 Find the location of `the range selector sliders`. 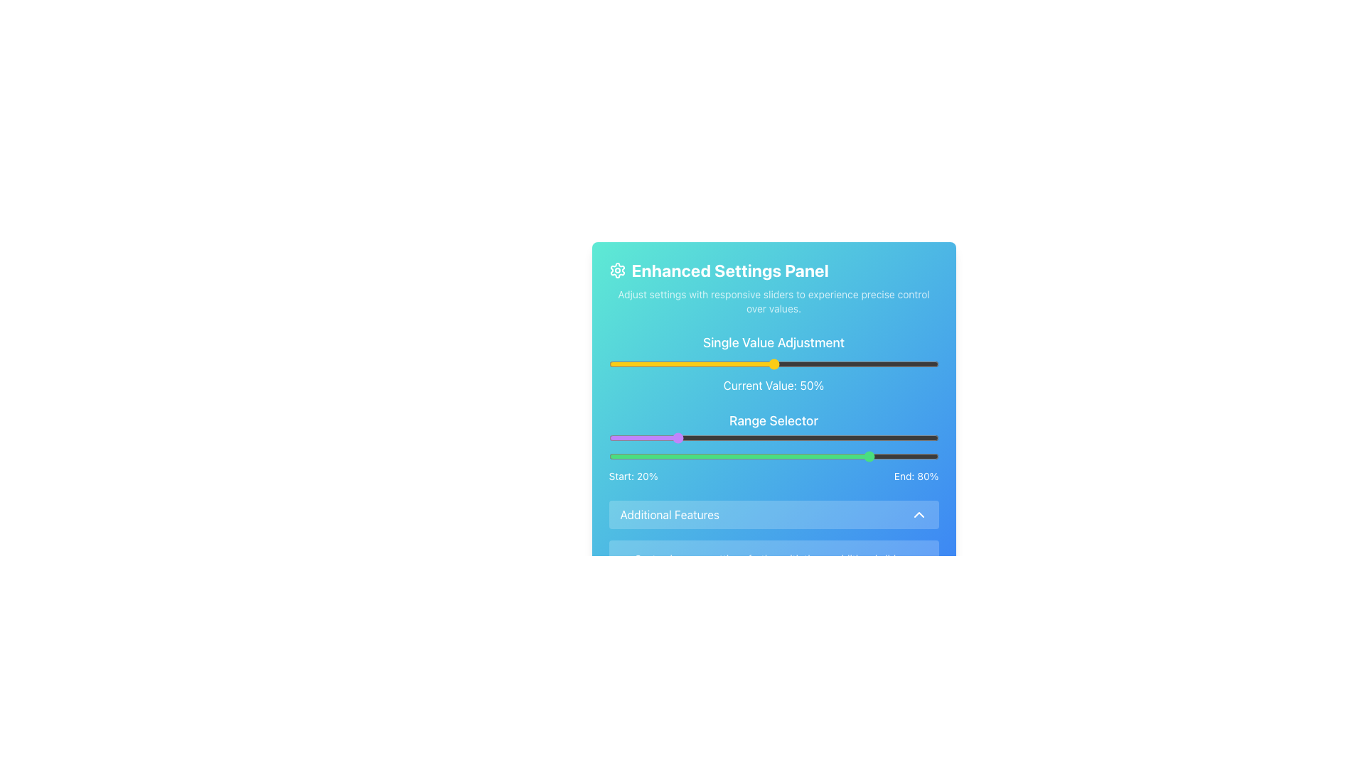

the range selector sliders is located at coordinates (855, 437).